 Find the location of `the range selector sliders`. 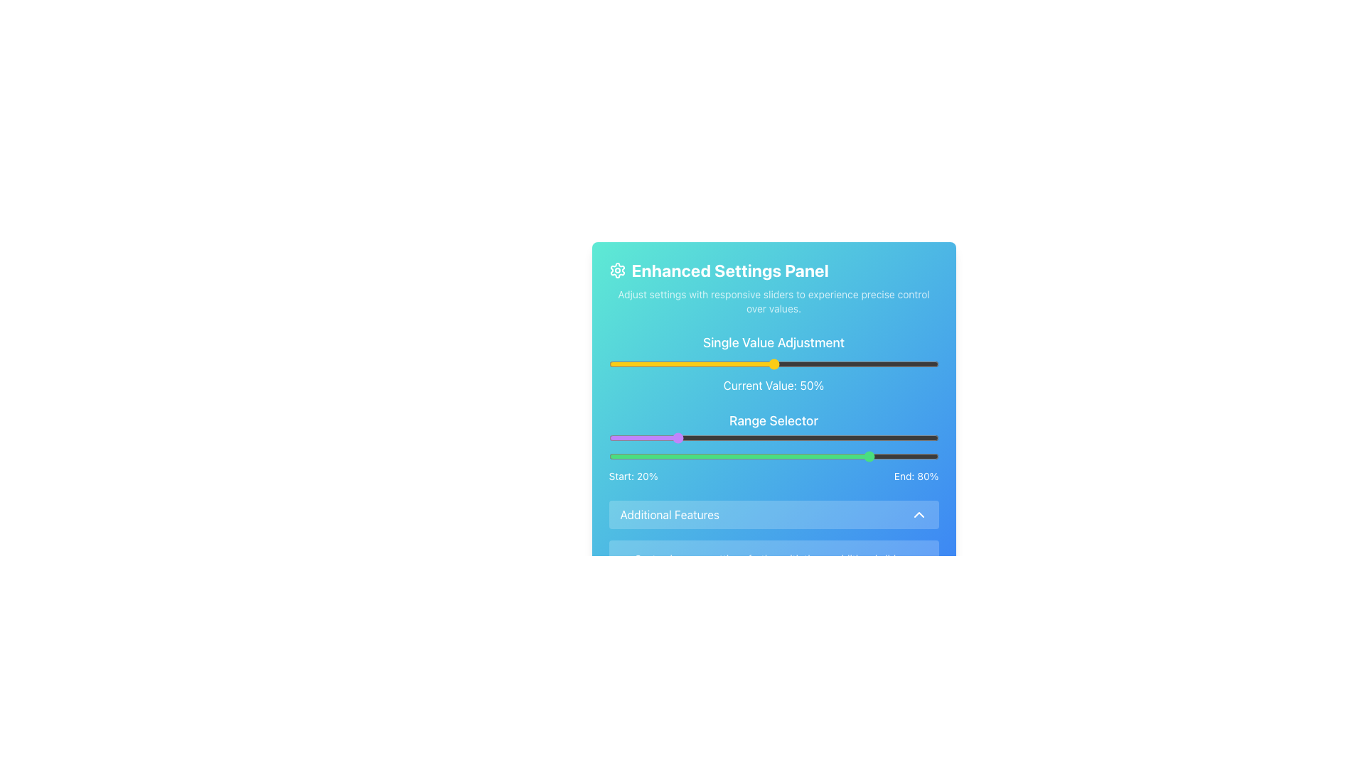

the range selector sliders is located at coordinates (855, 437).